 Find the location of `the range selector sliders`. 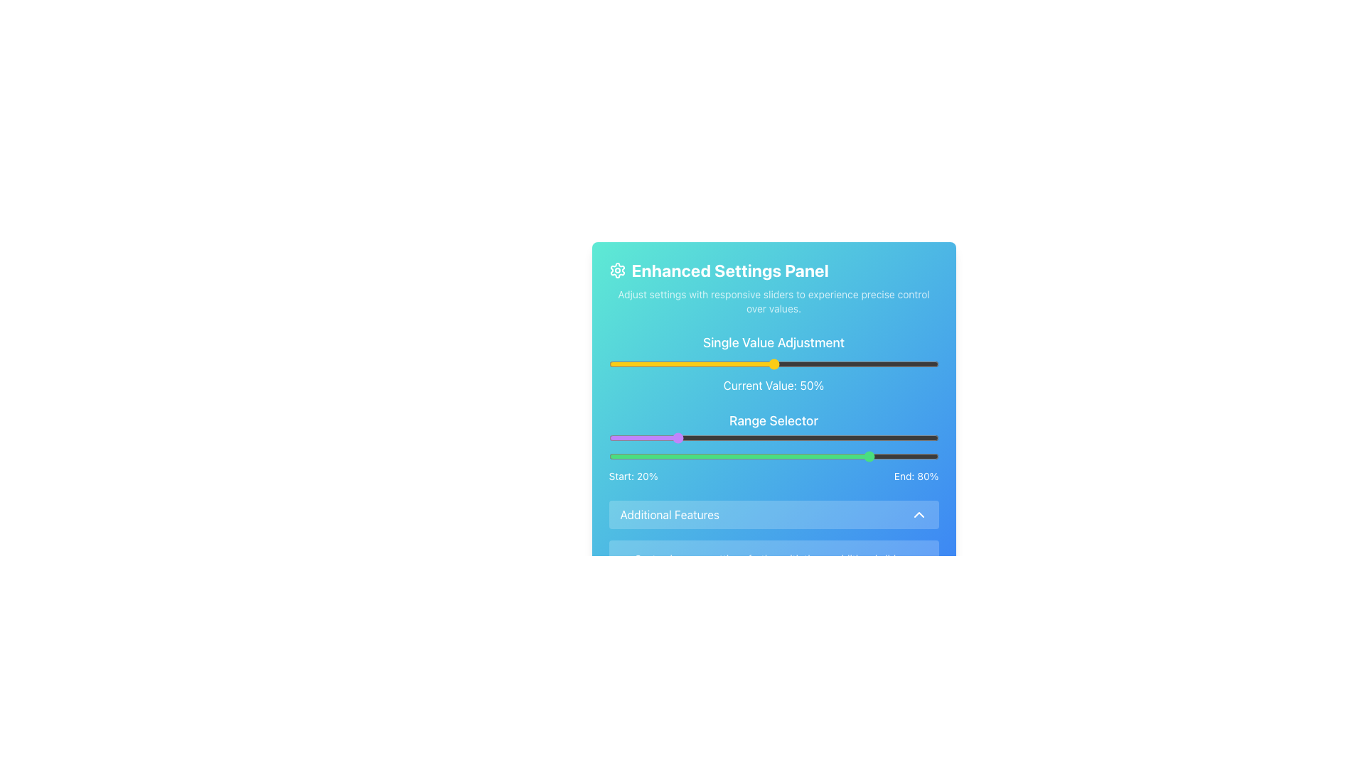

the range selector sliders is located at coordinates (855, 437).